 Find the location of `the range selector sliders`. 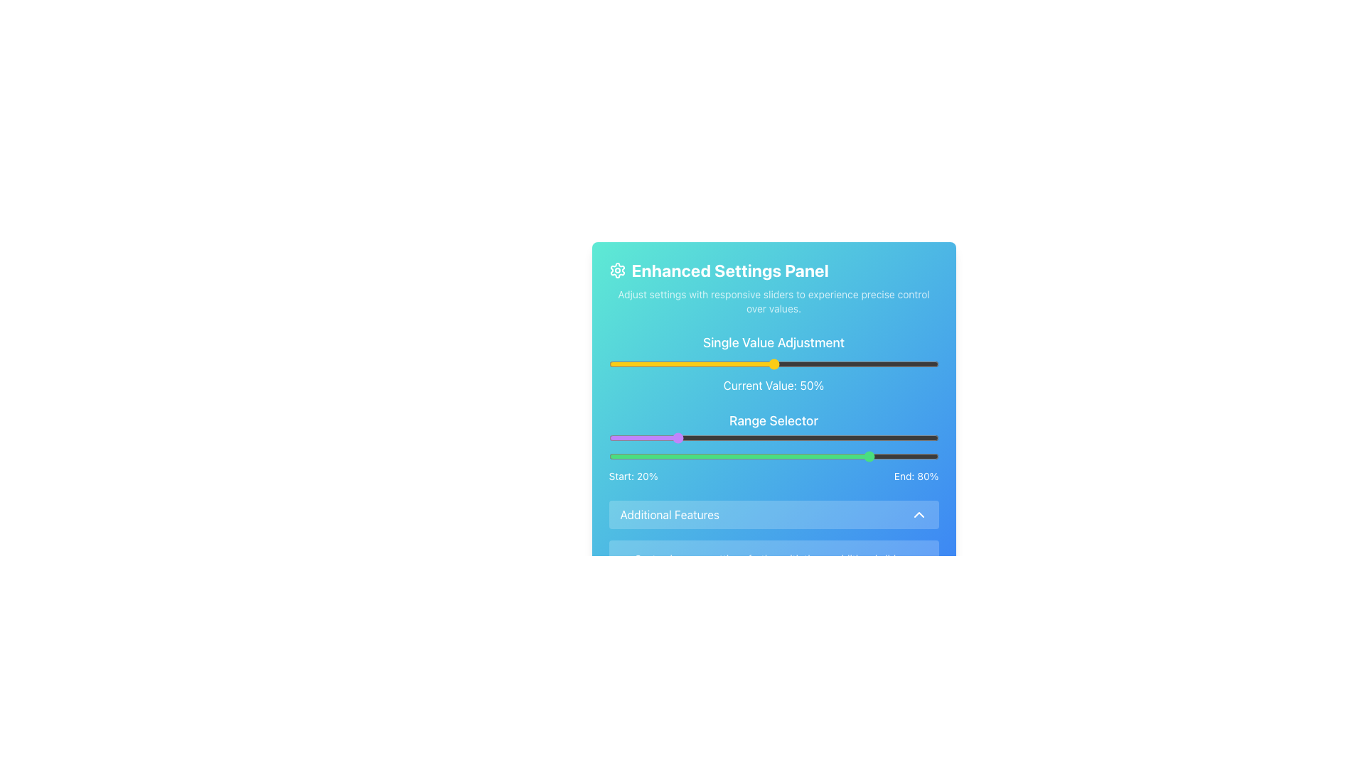

the range selector sliders is located at coordinates (855, 437).